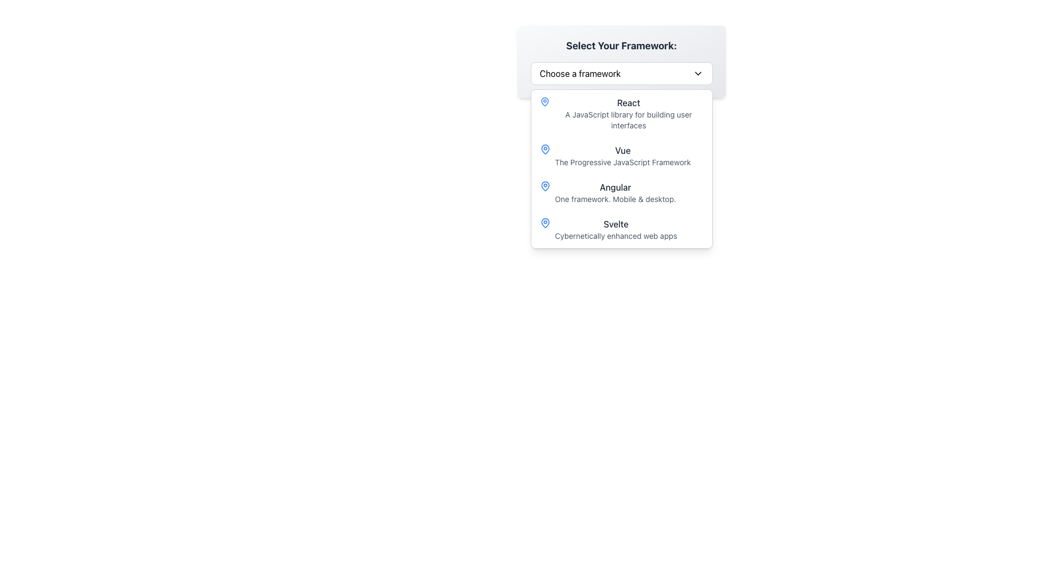 The width and height of the screenshot is (1040, 585). I want to click on the Text label that serves as a heading for the description below it in the dropdown list under 'Select Your Framework', positioned above the text 'Cybernetically enhanced web apps', so click(616, 223).